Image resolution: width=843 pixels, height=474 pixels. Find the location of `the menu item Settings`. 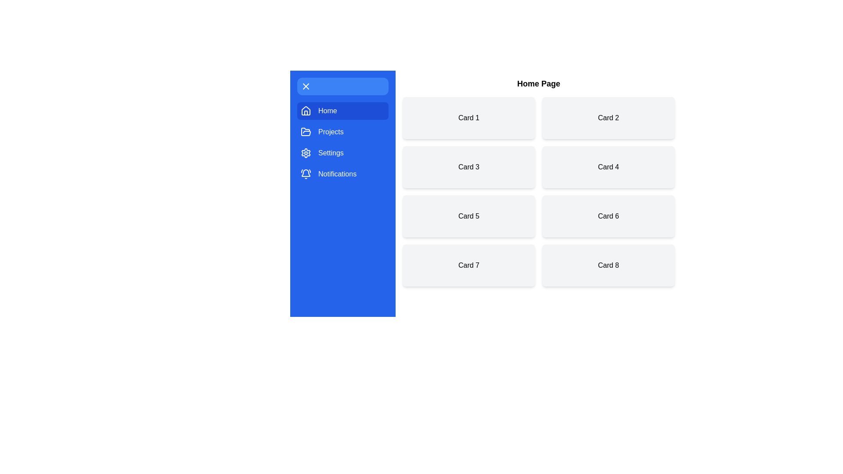

the menu item Settings is located at coordinates (342, 152).